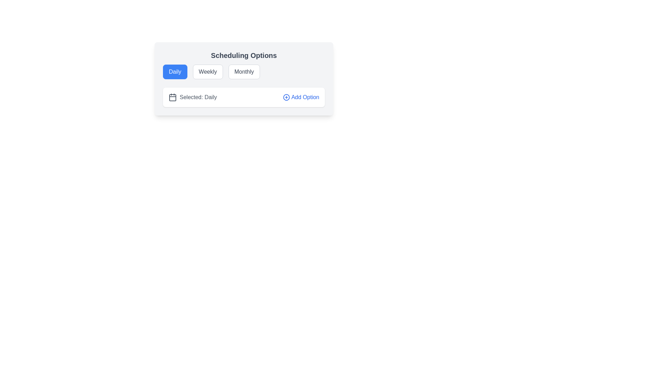 The width and height of the screenshot is (670, 377). What do you see at coordinates (286, 97) in the screenshot?
I see `the SVG circle representing the 'add' action located at the right end of the row containing the text 'Add Option'` at bounding box center [286, 97].